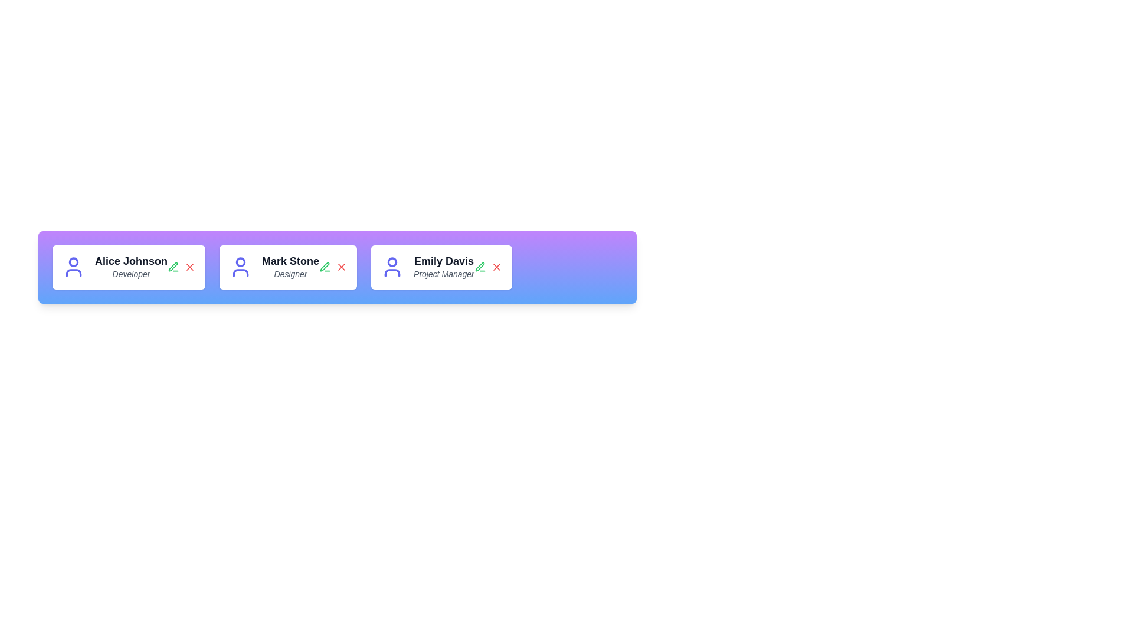  I want to click on the profile card of Emily Davis to view their information, so click(441, 267).